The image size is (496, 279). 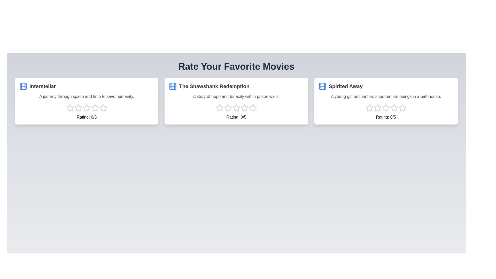 I want to click on the star corresponding to the 5 rating for the movie Spirited Away, so click(x=402, y=107).